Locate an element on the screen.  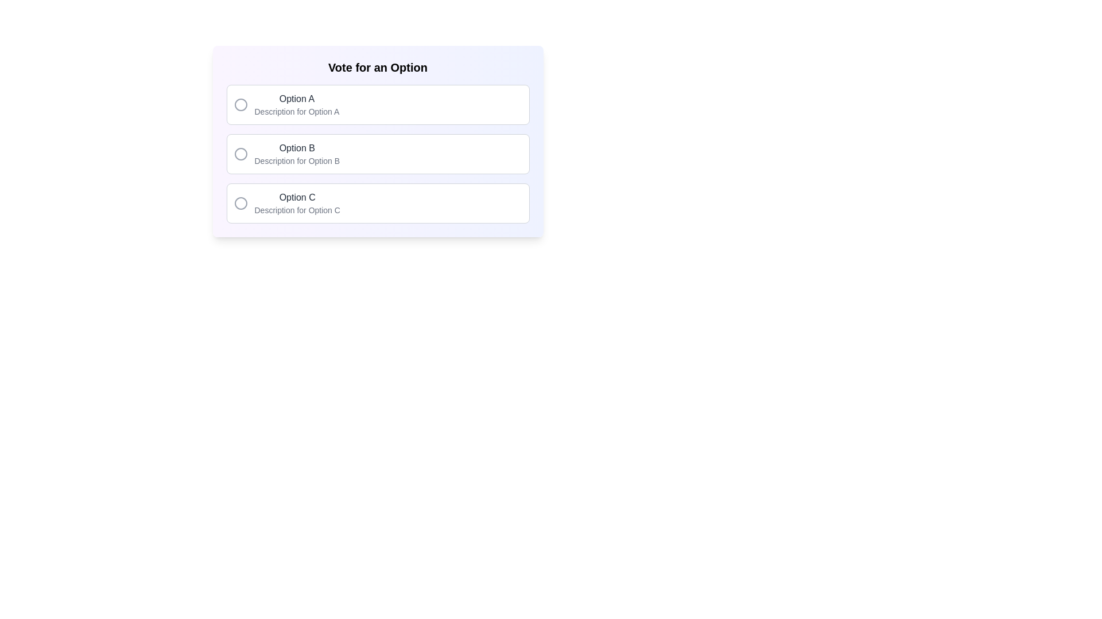
the descriptive label for 'Option B', which provides additional information about this selectable choice in the user interface is located at coordinates (297, 154).